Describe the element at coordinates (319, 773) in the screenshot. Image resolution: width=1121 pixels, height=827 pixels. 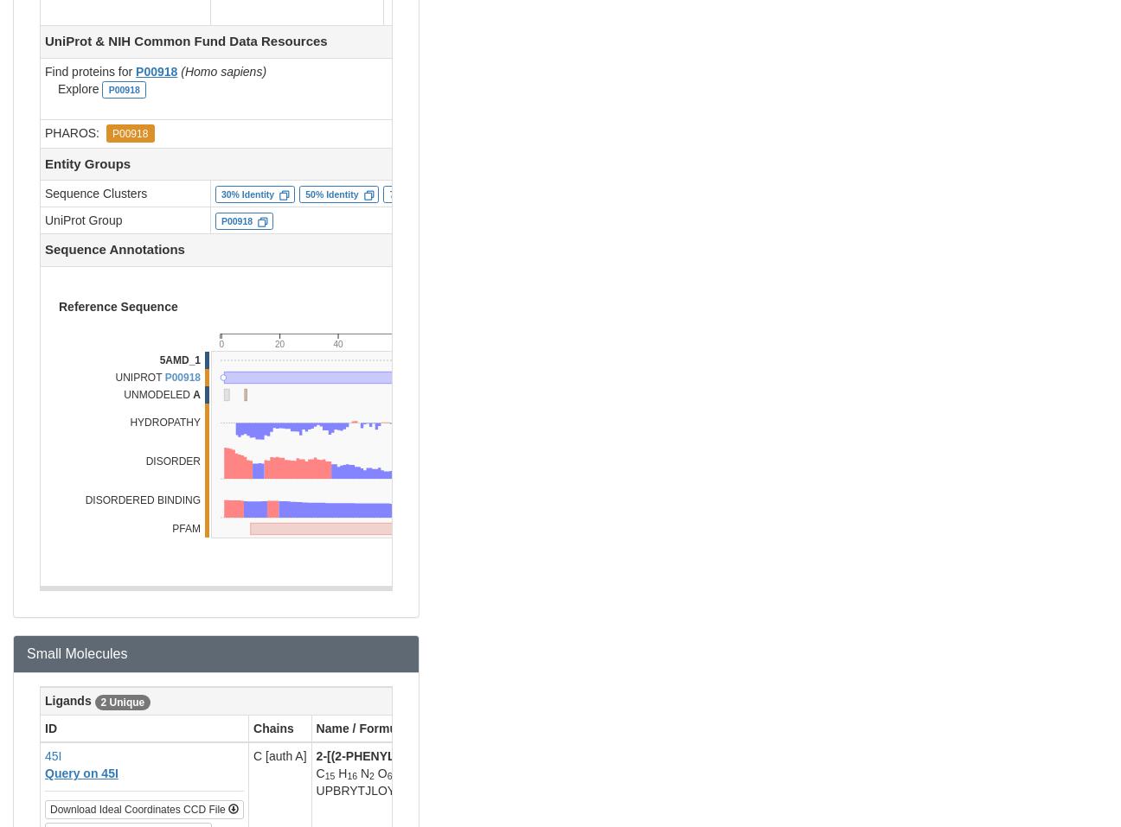
I see `'C'` at that location.